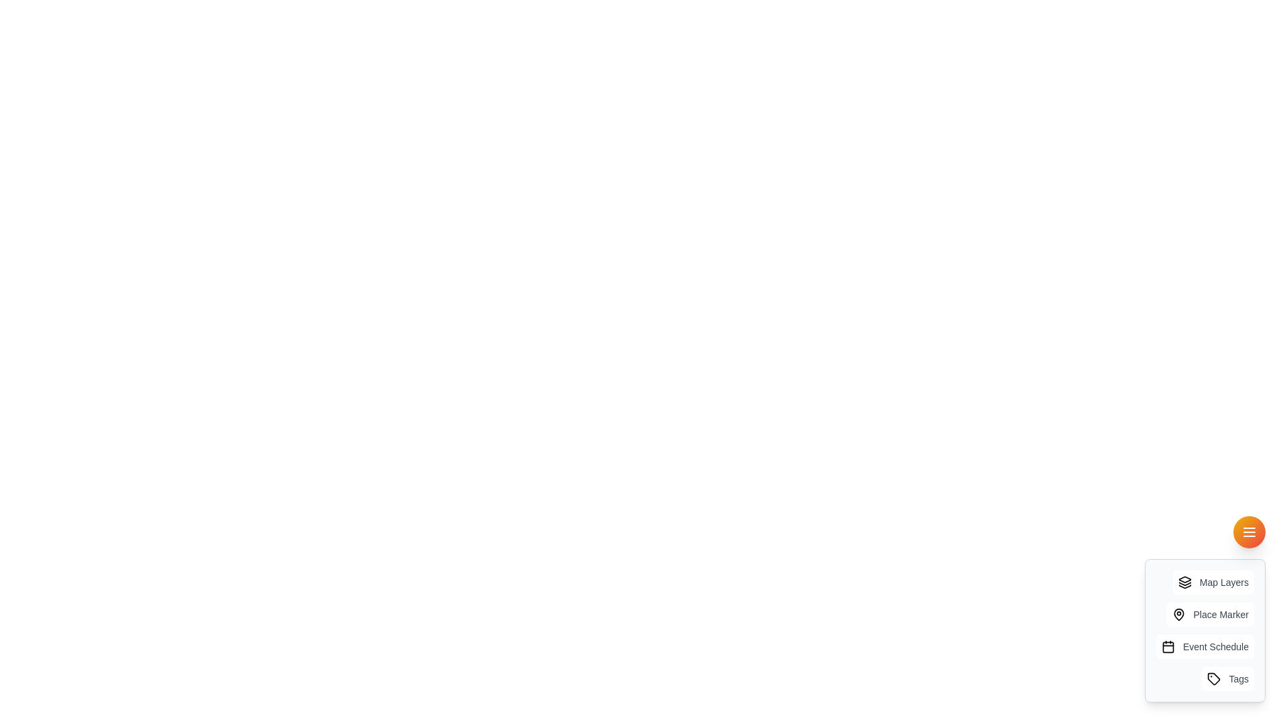  I want to click on the 'Tags' item in the AdvancedUtilitySpeedDial component, so click(1228, 679).